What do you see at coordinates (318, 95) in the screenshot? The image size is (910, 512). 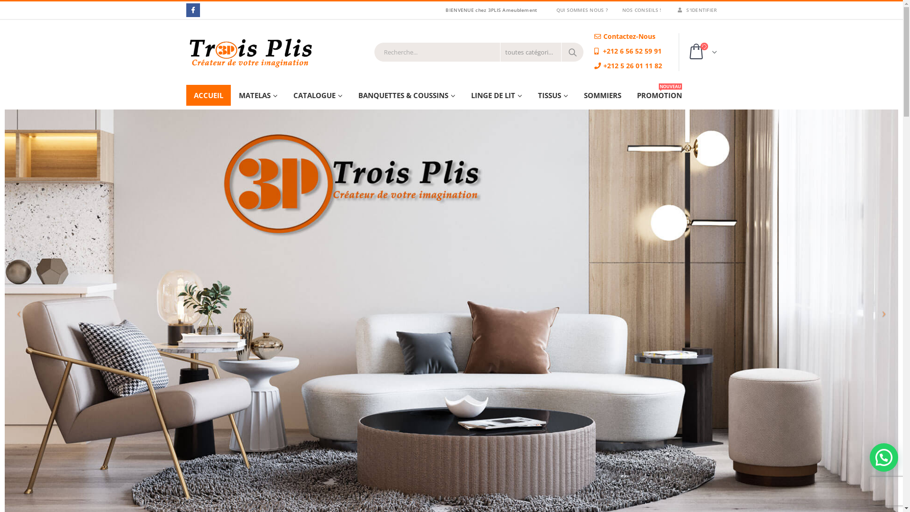 I see `'CATALOGUE'` at bounding box center [318, 95].